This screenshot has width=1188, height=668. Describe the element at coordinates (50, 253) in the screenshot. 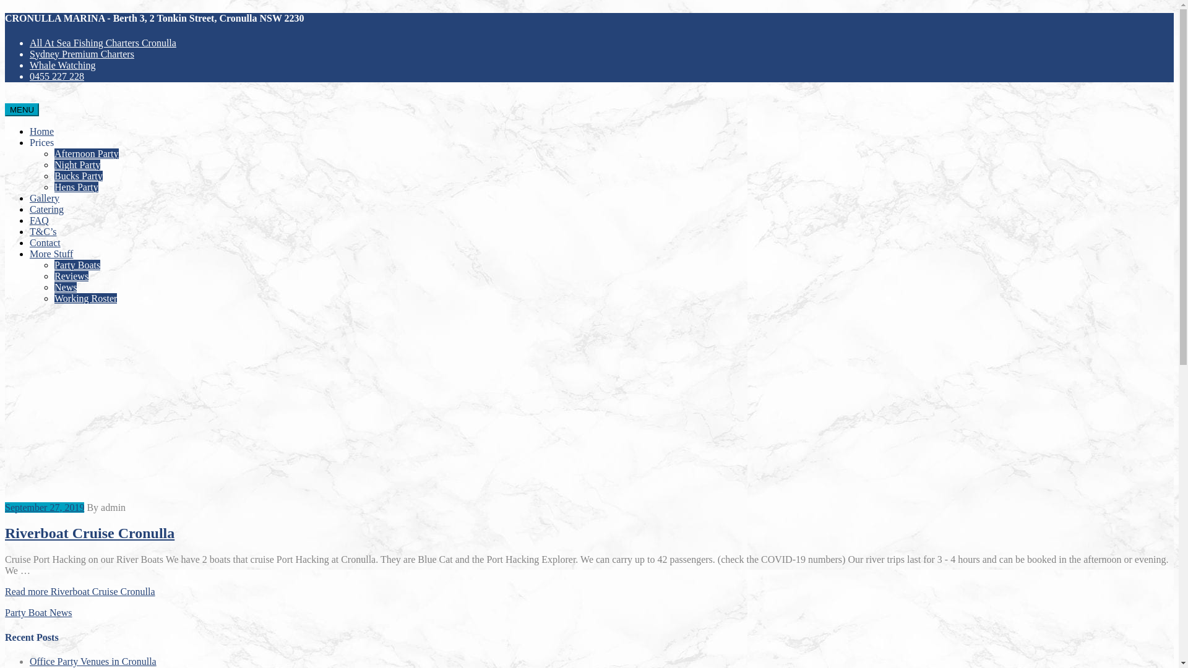

I see `'More Stuff'` at that location.